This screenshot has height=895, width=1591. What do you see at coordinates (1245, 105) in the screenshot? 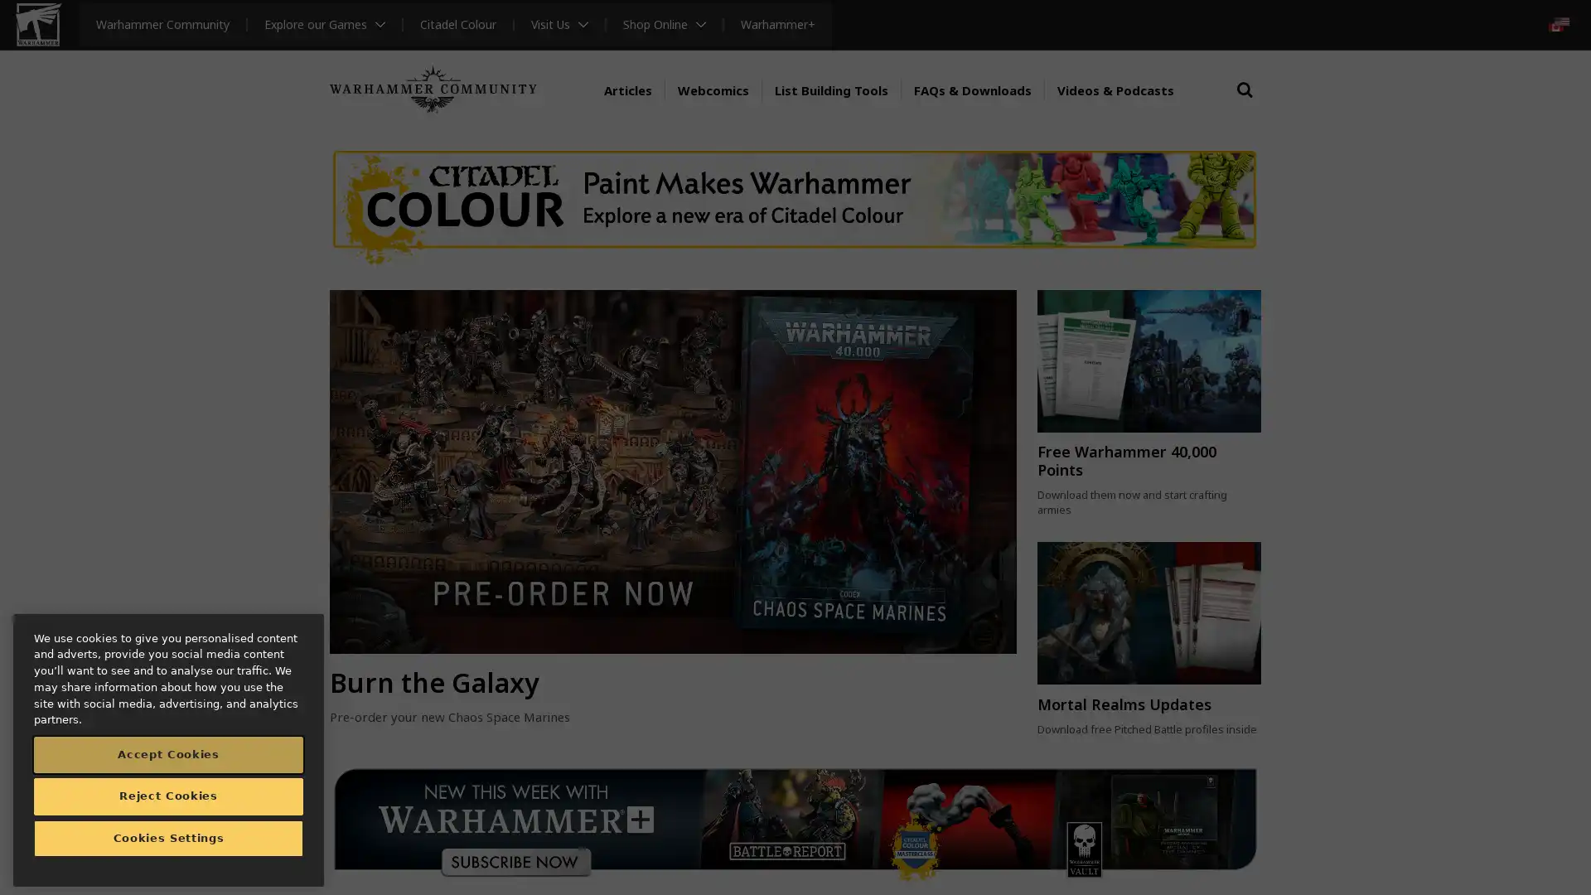
I see `Search` at bounding box center [1245, 105].